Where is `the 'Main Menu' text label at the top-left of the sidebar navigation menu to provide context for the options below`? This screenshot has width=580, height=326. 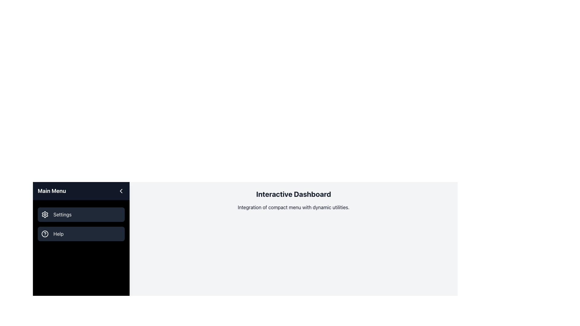
the 'Main Menu' text label at the top-left of the sidebar navigation menu to provide context for the options below is located at coordinates (52, 191).